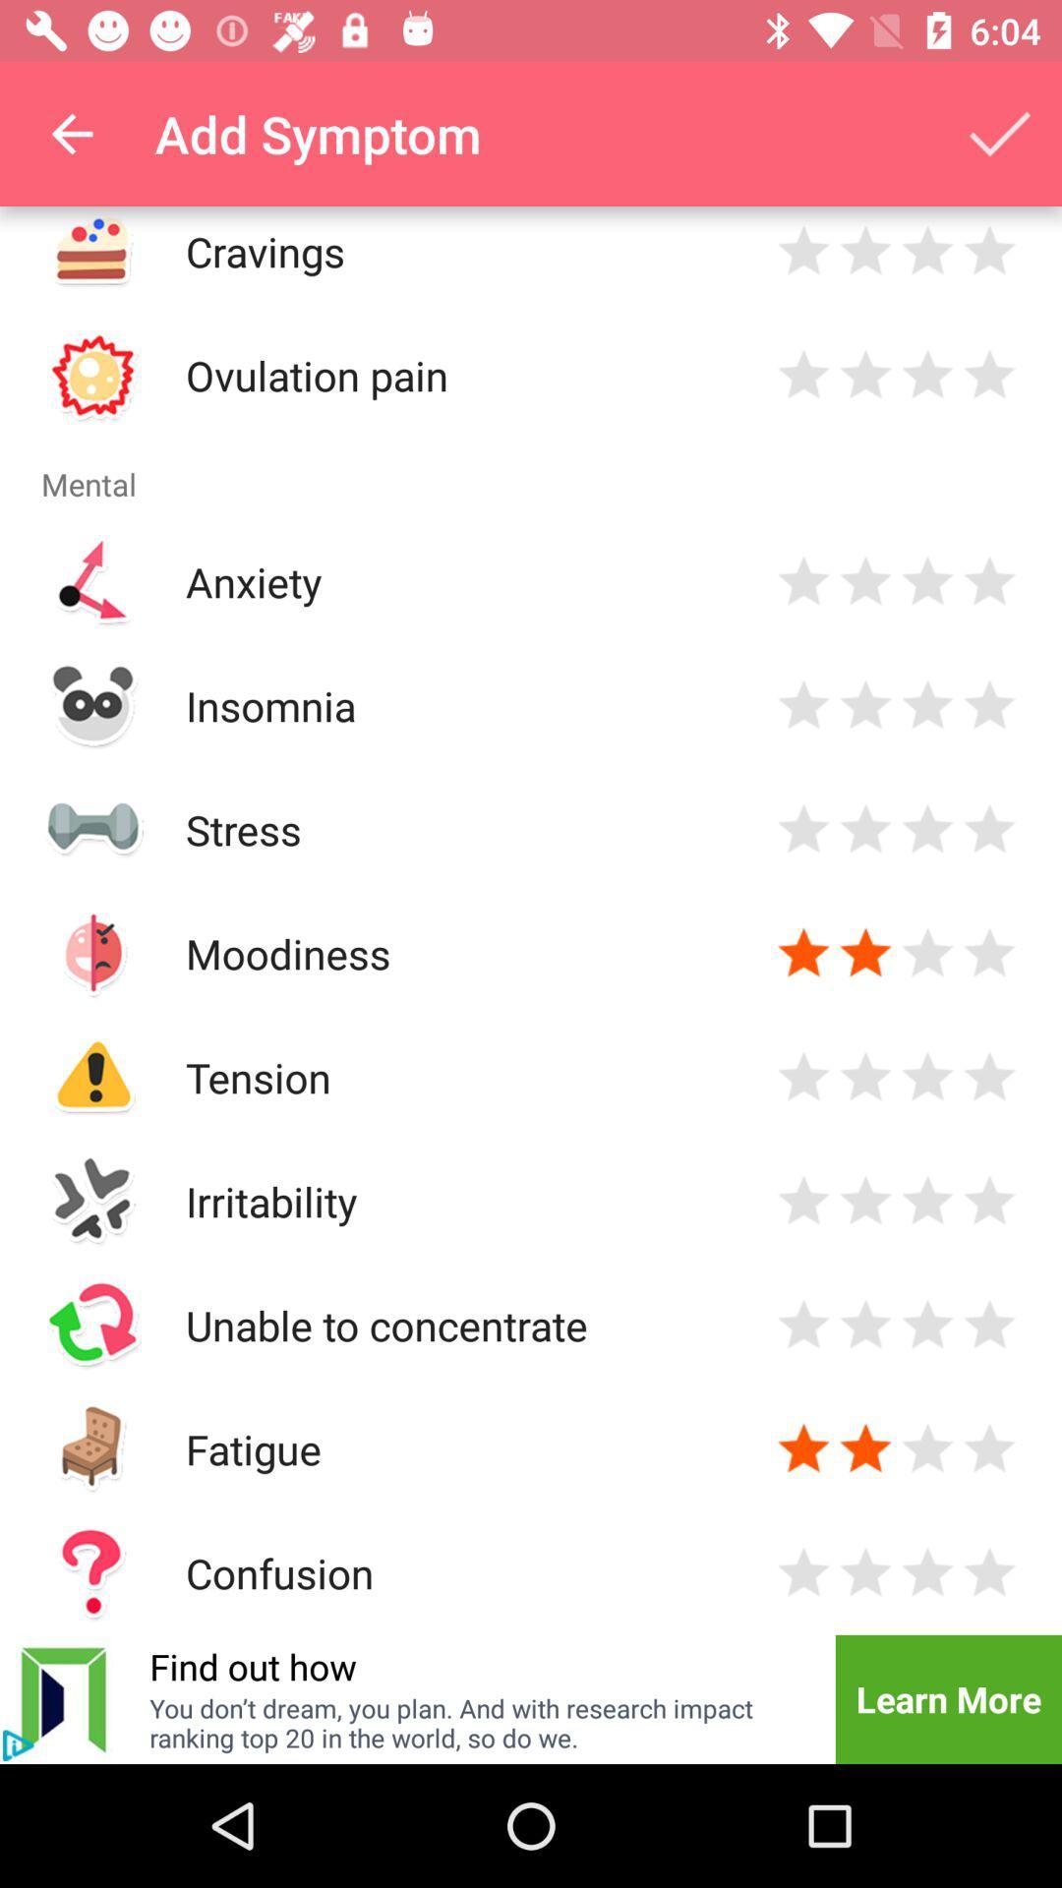 This screenshot has width=1062, height=1888. I want to click on rate moodiness, so click(927, 953).